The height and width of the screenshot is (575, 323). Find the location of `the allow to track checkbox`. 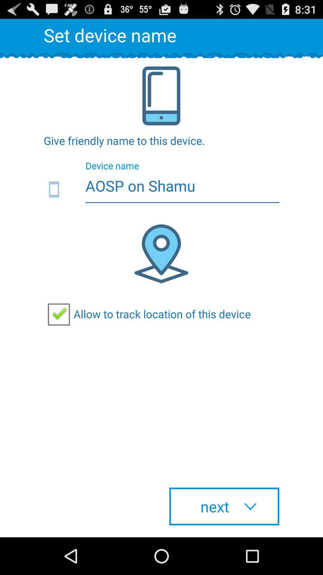

the allow to track checkbox is located at coordinates (147, 314).